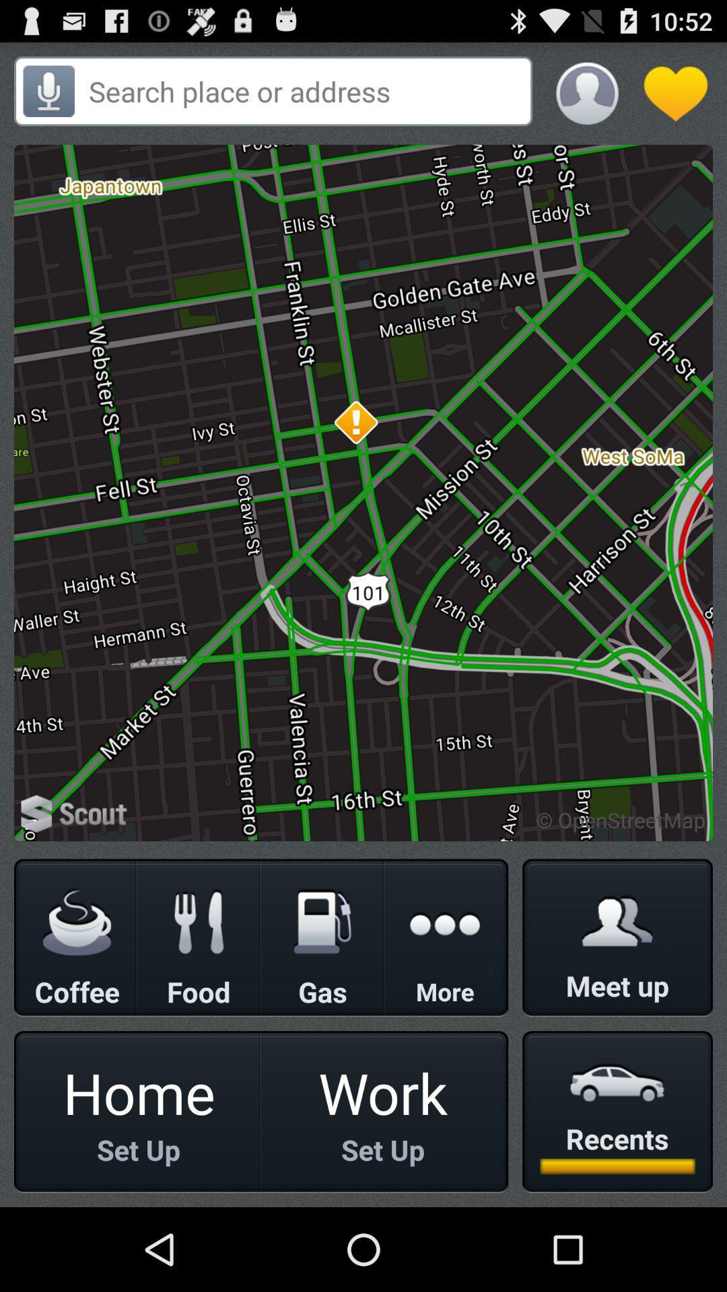 Image resolution: width=727 pixels, height=1292 pixels. I want to click on address page, so click(306, 90).